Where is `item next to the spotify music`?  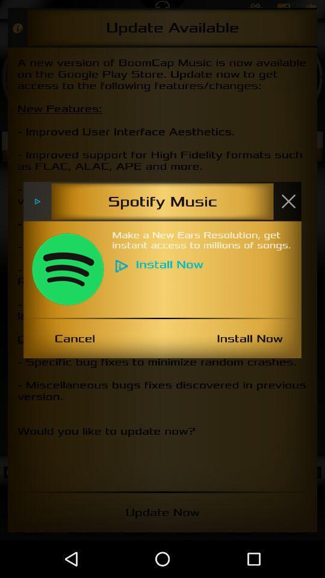 item next to the spotify music is located at coordinates (288, 201).